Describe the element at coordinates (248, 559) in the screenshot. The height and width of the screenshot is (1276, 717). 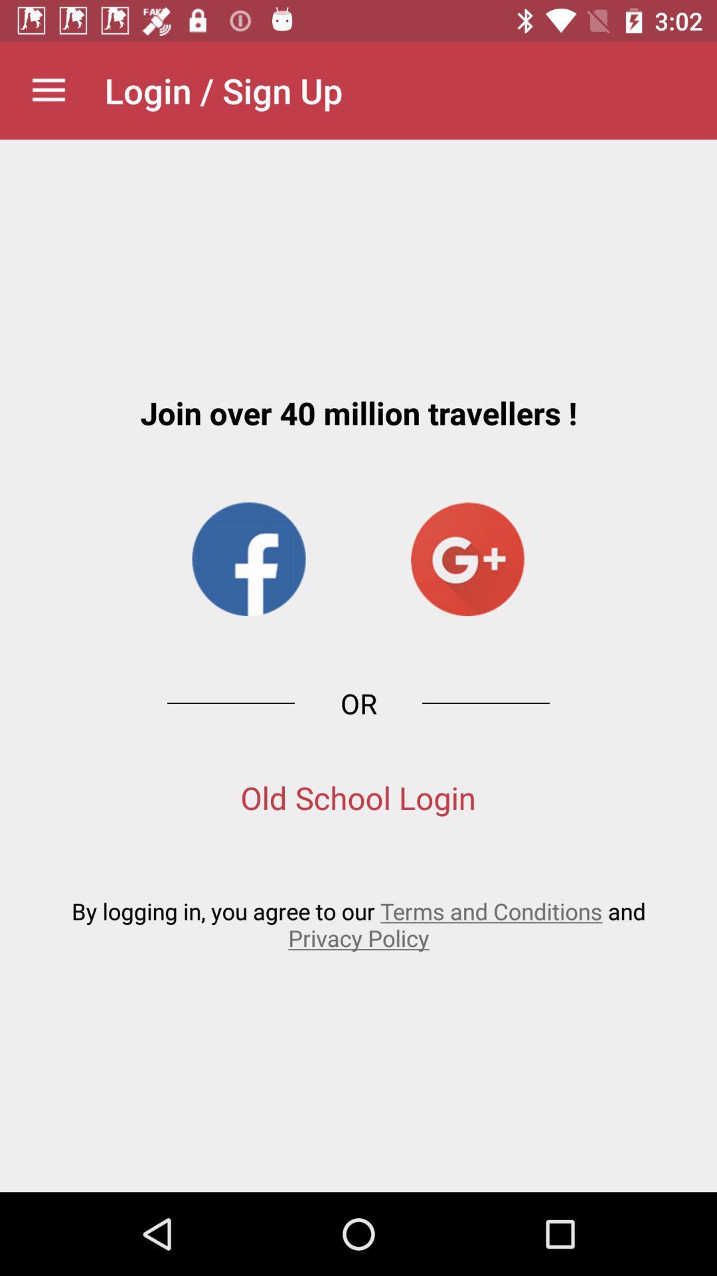
I see `the facebook icon` at that location.